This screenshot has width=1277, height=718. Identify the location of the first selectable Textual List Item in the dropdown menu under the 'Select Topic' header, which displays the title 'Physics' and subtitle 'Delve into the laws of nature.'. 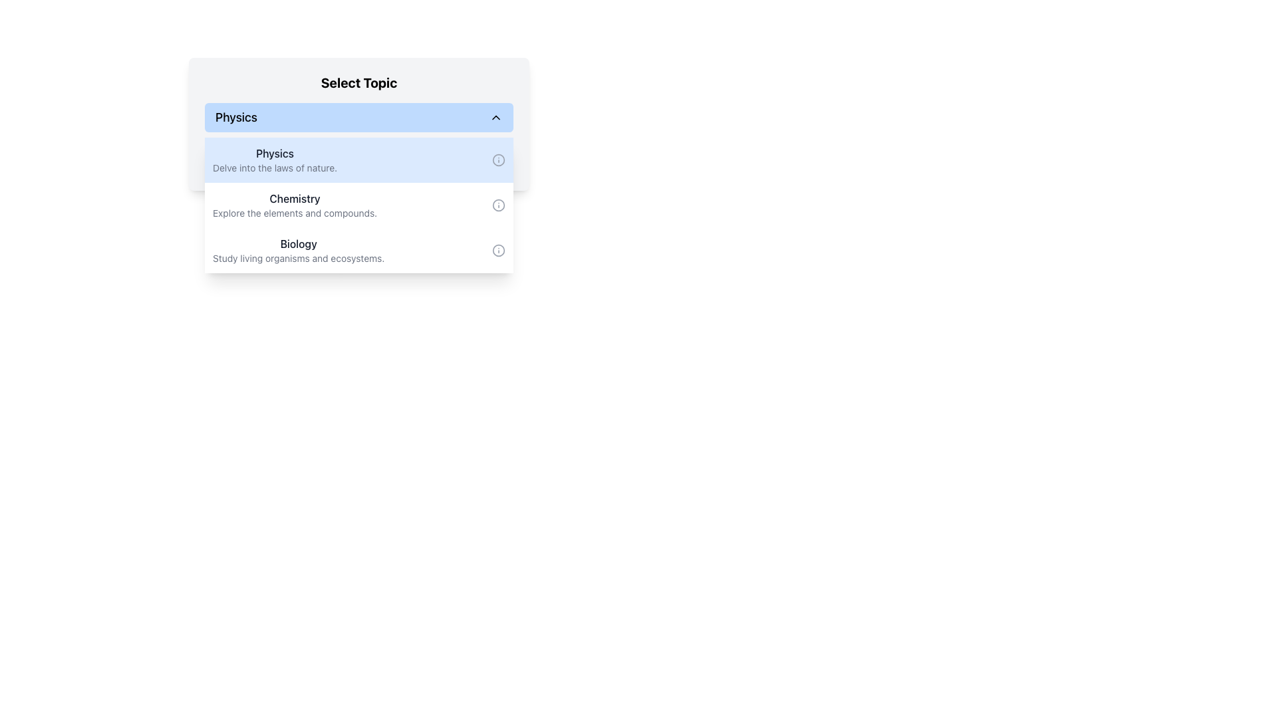
(274, 159).